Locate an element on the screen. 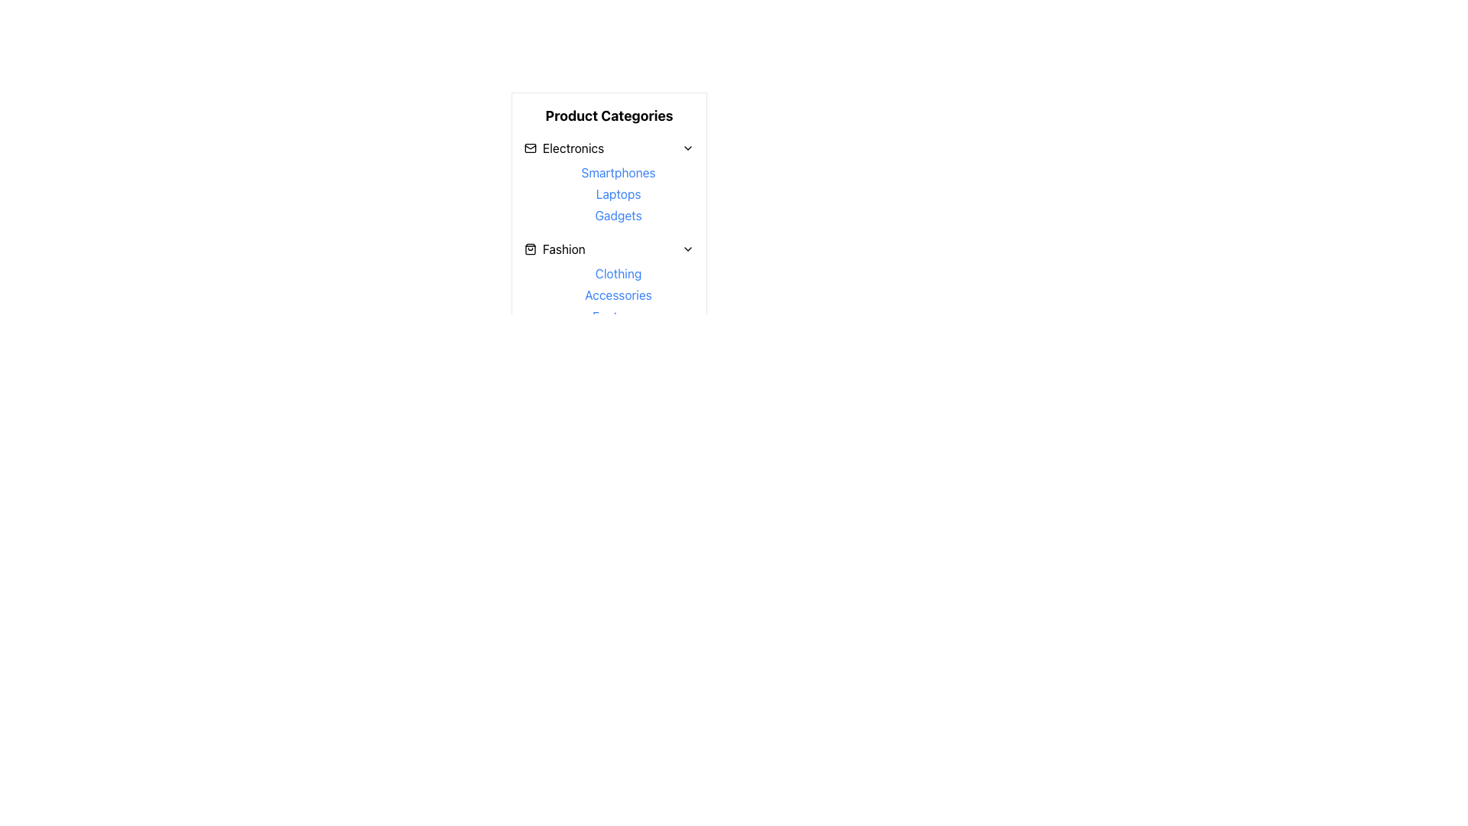  the 'Gadgets' text label, which is the third item in the nested list under the 'Electronics' category is located at coordinates (619, 215).